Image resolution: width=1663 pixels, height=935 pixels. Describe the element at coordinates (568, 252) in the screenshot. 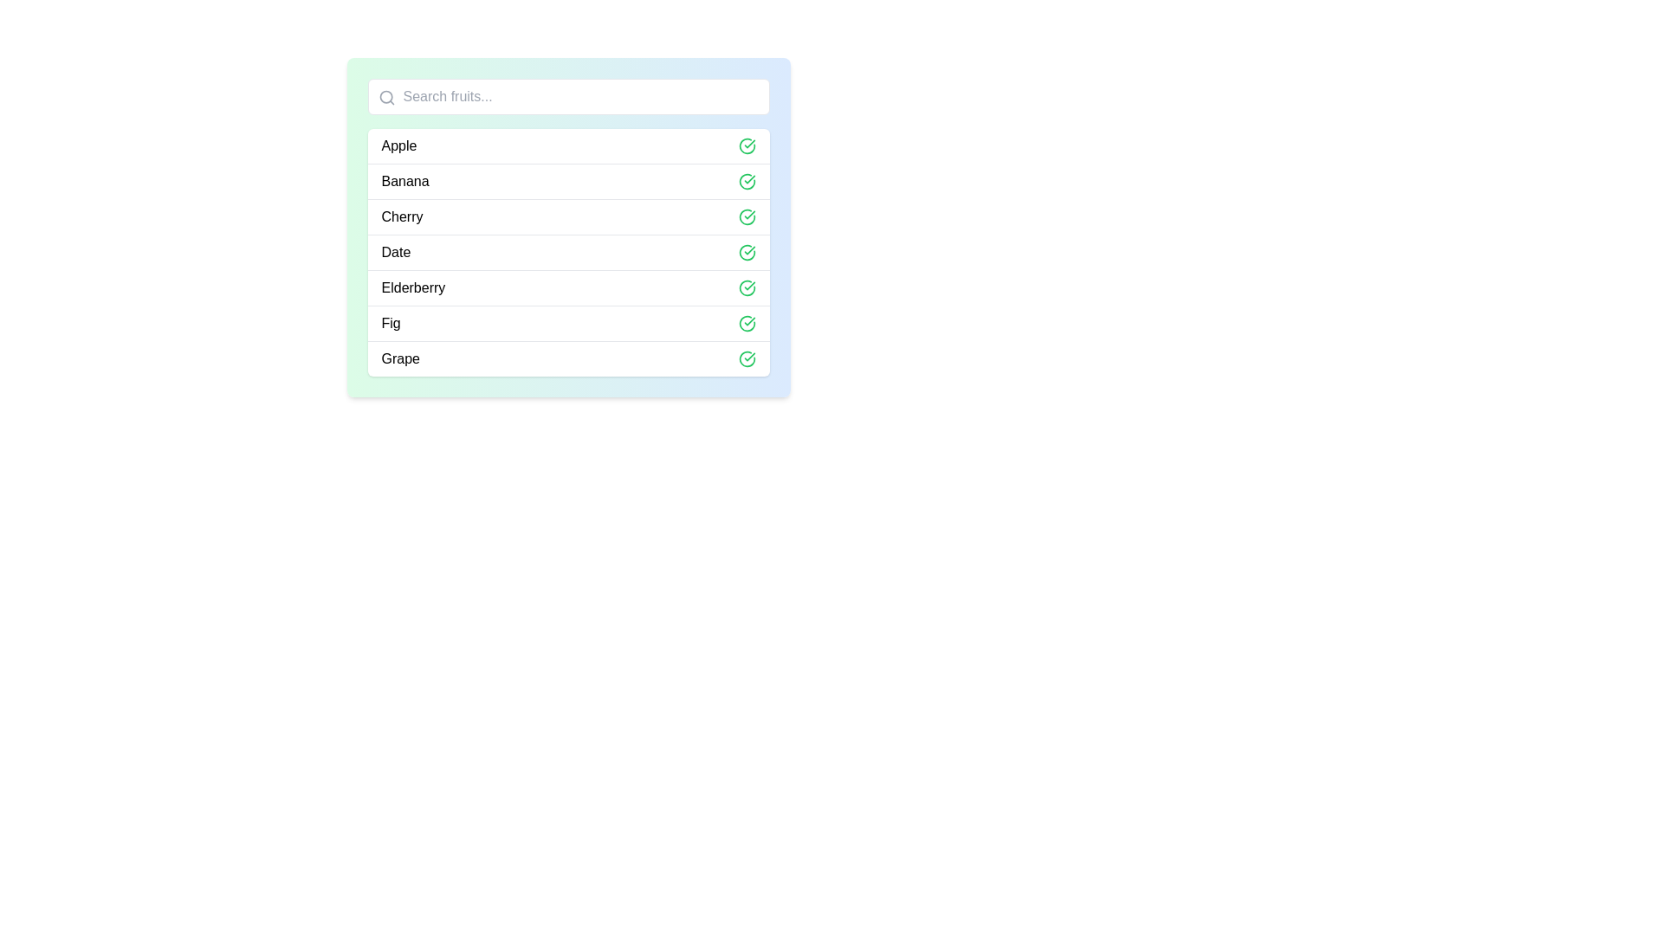

I see `the selectable list option labeled 'Date', which is currently selected` at that location.